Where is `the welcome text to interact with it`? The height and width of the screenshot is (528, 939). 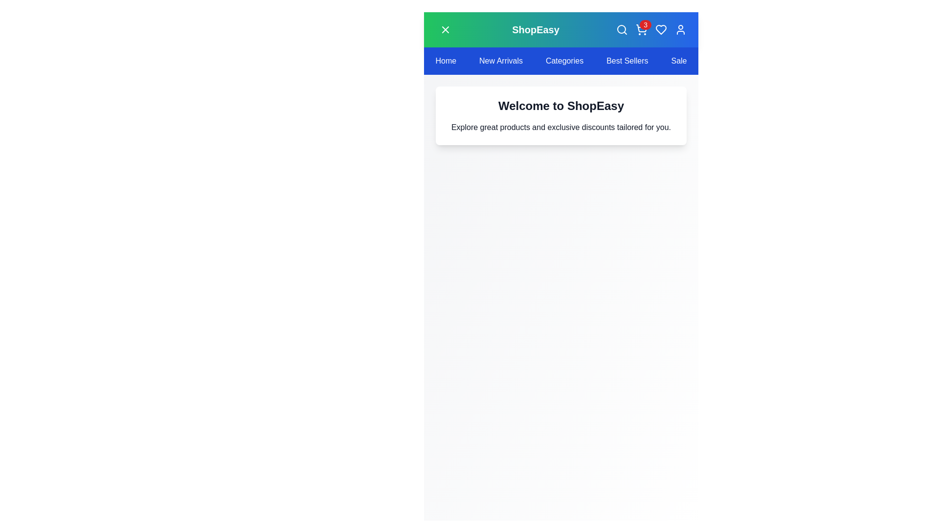
the welcome text to interact with it is located at coordinates (561, 115).